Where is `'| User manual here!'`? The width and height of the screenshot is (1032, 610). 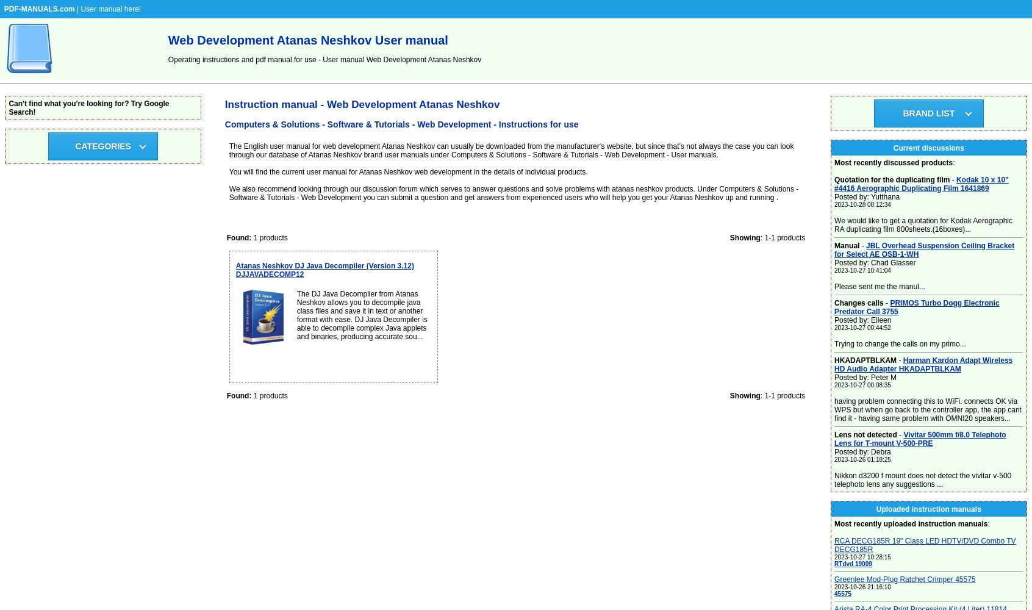
'| User manual here!' is located at coordinates (107, 9).